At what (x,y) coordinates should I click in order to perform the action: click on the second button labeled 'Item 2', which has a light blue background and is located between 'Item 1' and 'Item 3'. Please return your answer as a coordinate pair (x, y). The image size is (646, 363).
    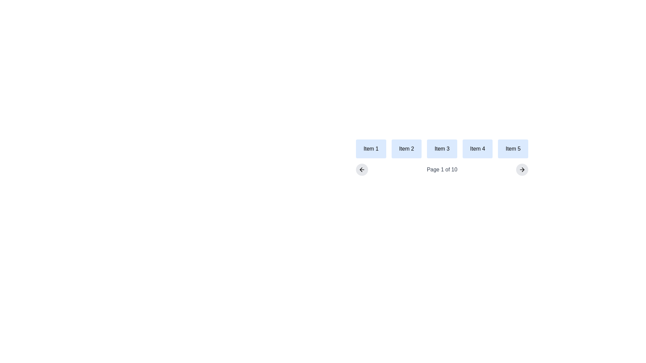
    Looking at the image, I should click on (406, 149).